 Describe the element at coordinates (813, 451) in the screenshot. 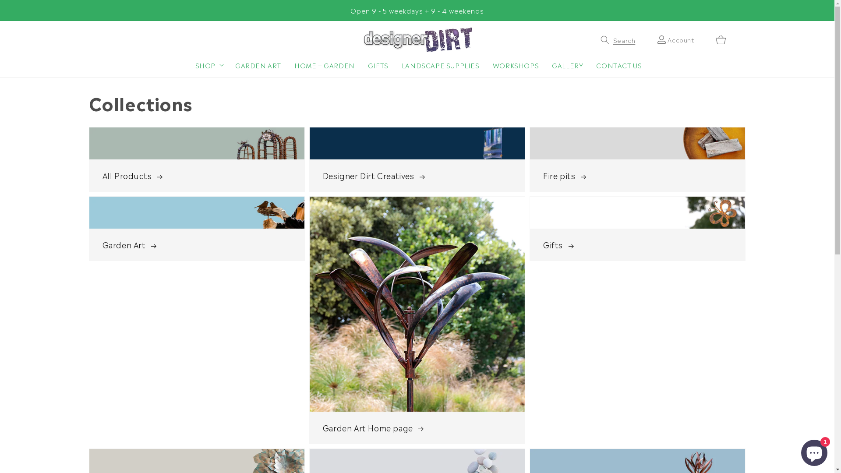

I see `'Shopify online store chat'` at that location.